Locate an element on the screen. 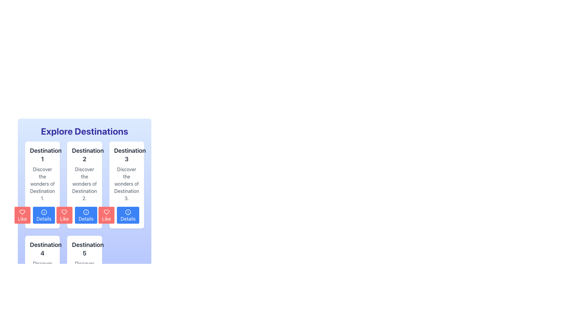 The height and width of the screenshot is (326, 580). the heart icon inside the 'Like' button for 'Destination 1' is located at coordinates (22, 212).